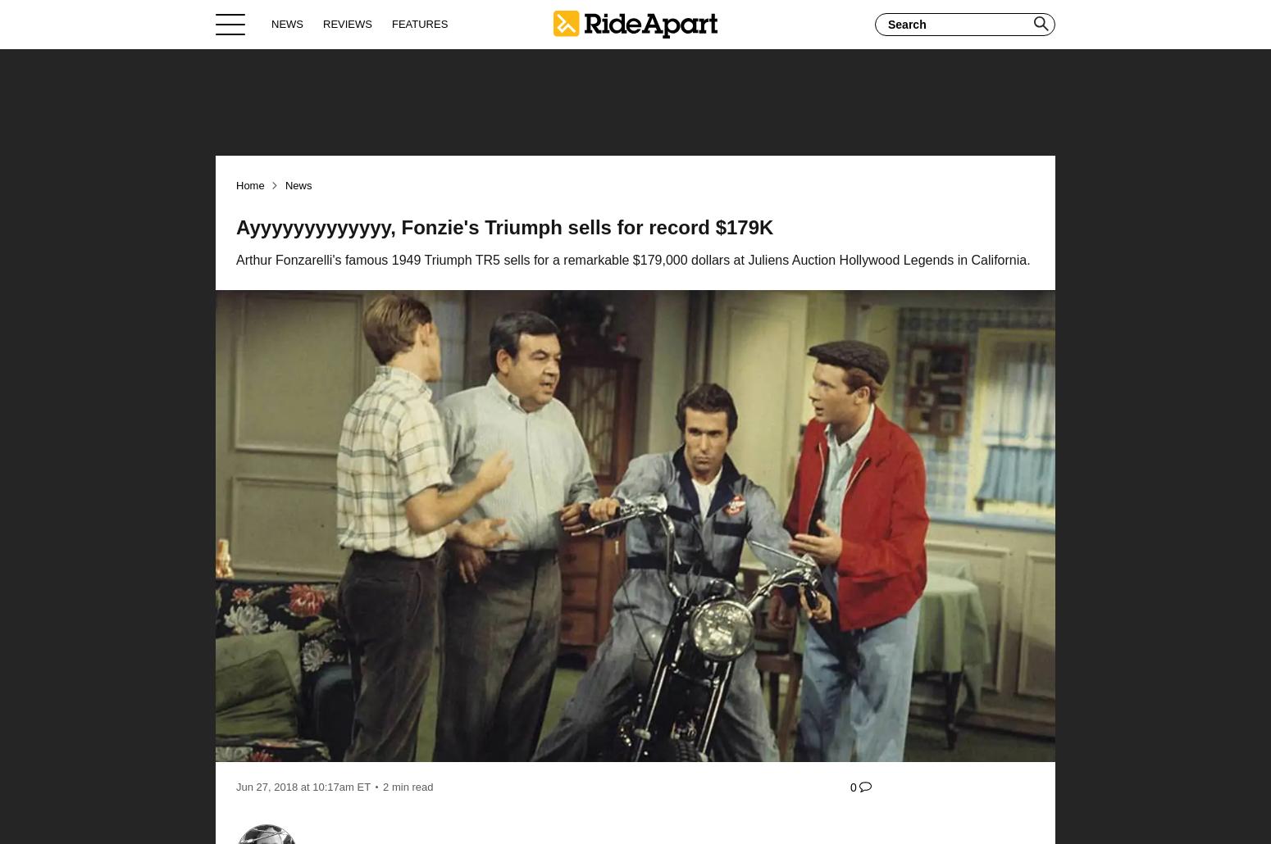 This screenshot has height=844, width=1271. What do you see at coordinates (407, 785) in the screenshot?
I see `'2 min read'` at bounding box center [407, 785].